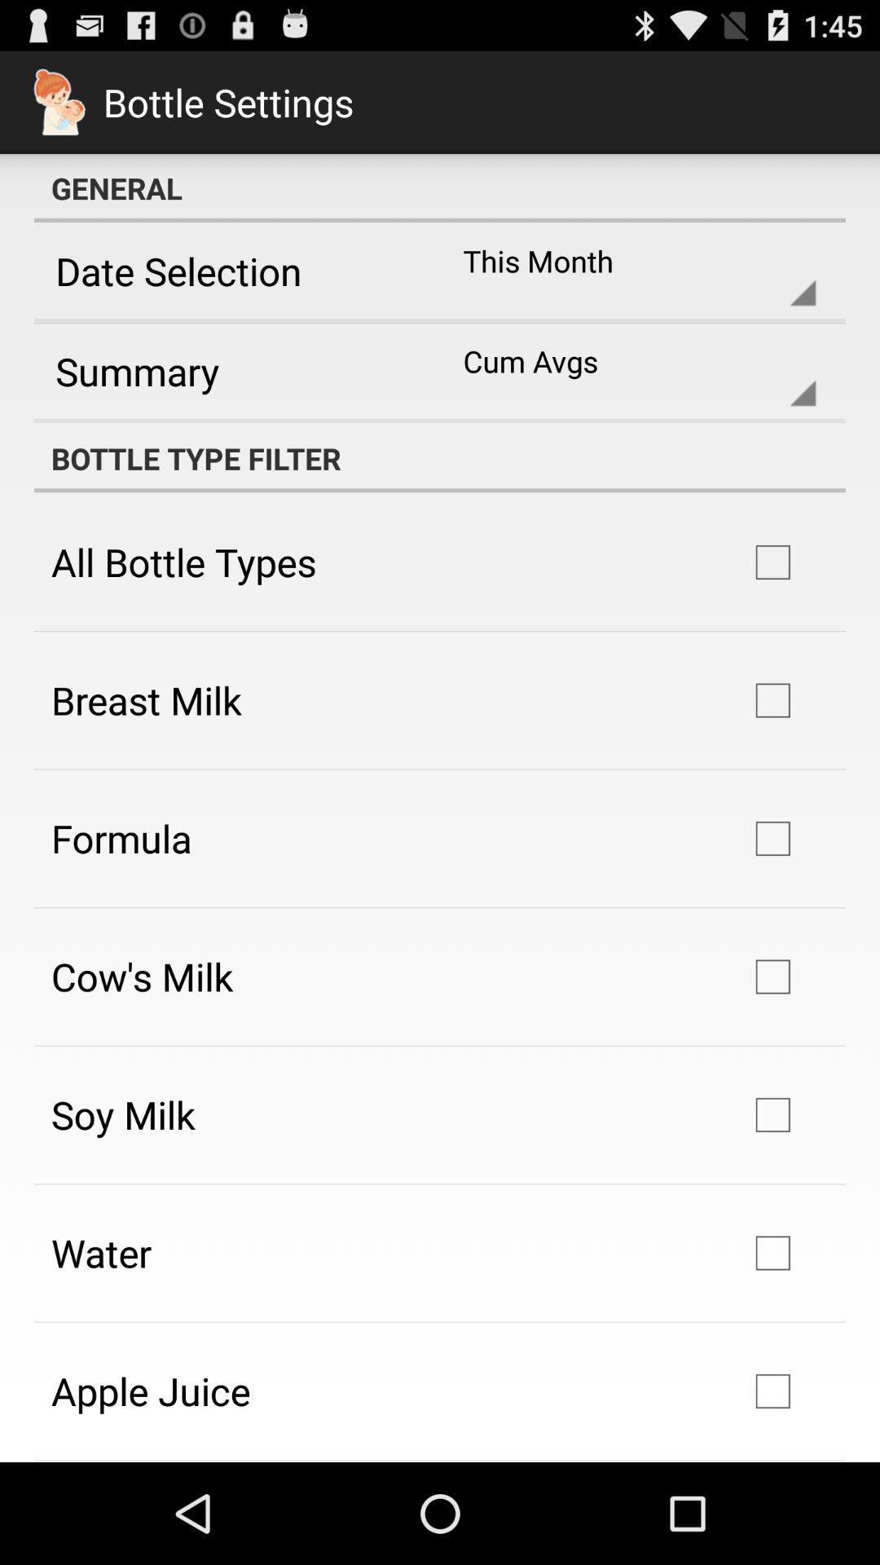  Describe the element at coordinates (440, 457) in the screenshot. I see `the bottle type filter icon` at that location.